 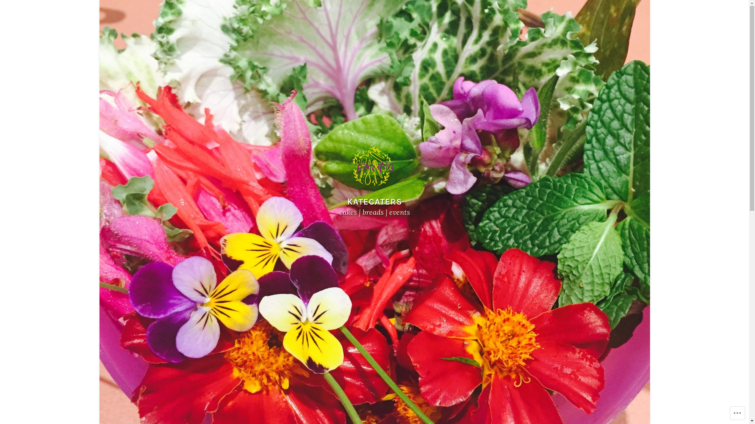 I want to click on 'KATECATERS', so click(x=346, y=201).